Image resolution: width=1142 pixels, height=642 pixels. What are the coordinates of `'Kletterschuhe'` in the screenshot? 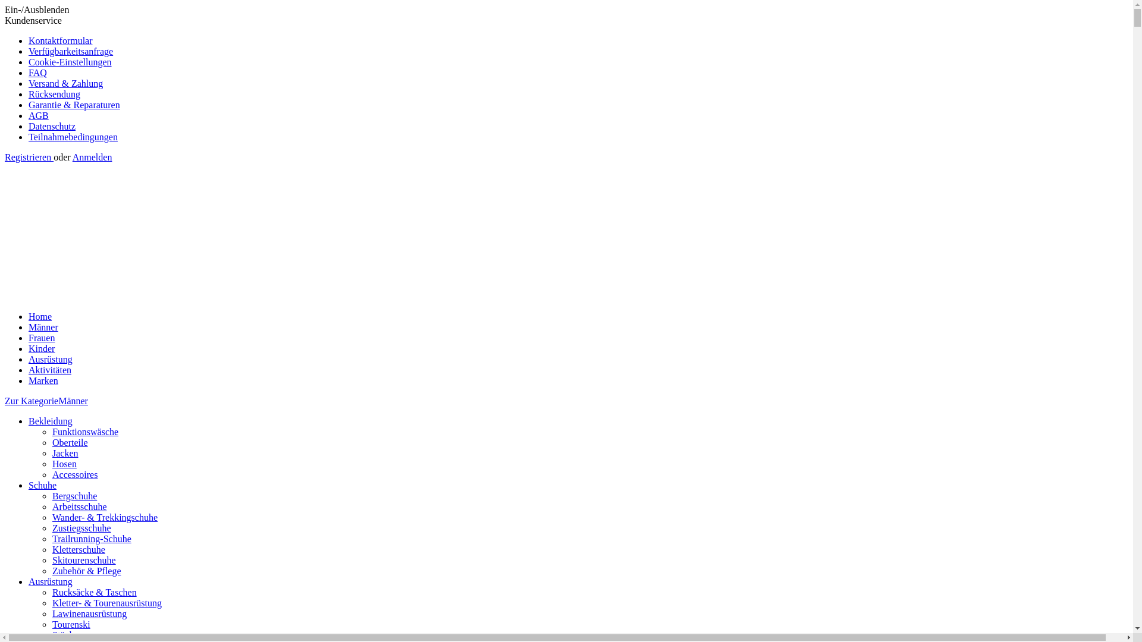 It's located at (78, 549).